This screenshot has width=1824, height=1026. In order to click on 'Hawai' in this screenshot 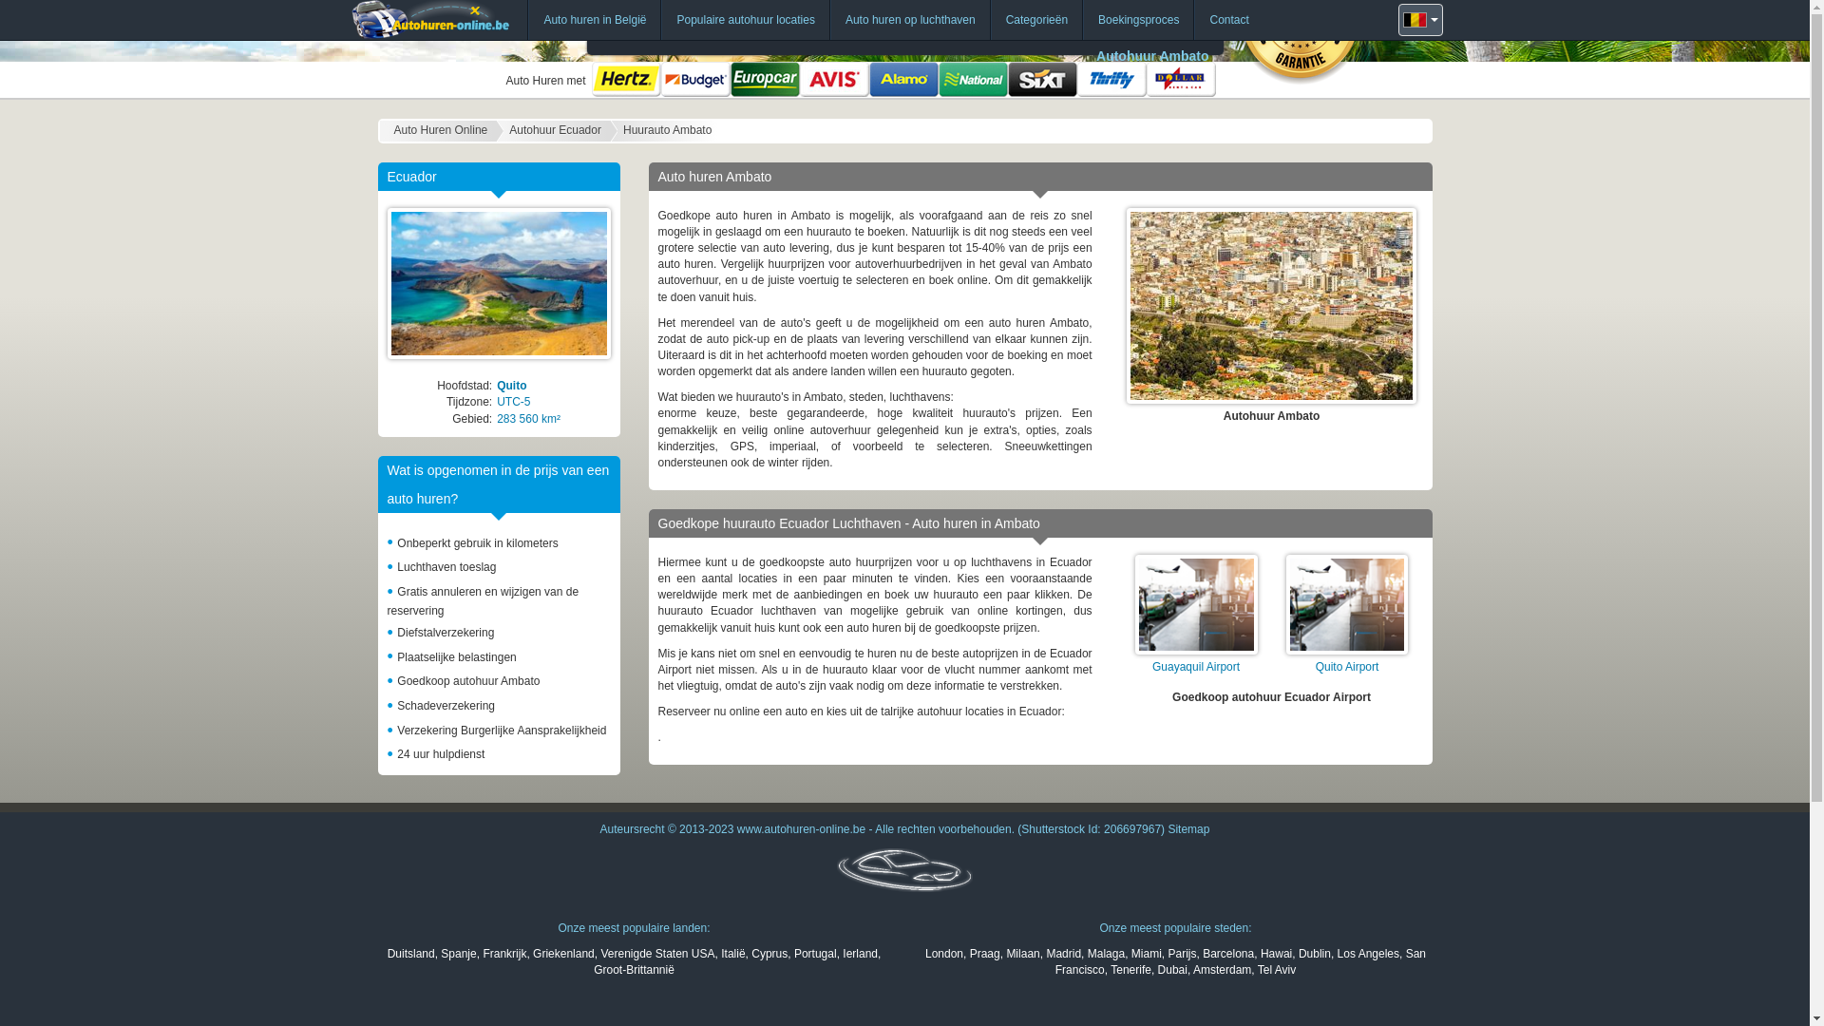, I will do `click(1260, 953)`.